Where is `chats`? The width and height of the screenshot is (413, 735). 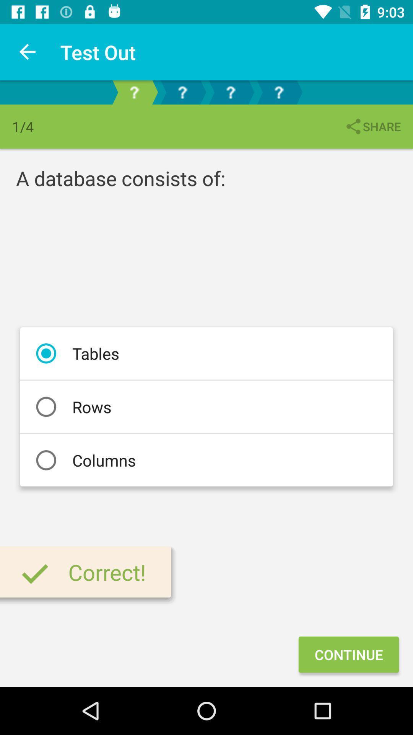
chats is located at coordinates (182, 92).